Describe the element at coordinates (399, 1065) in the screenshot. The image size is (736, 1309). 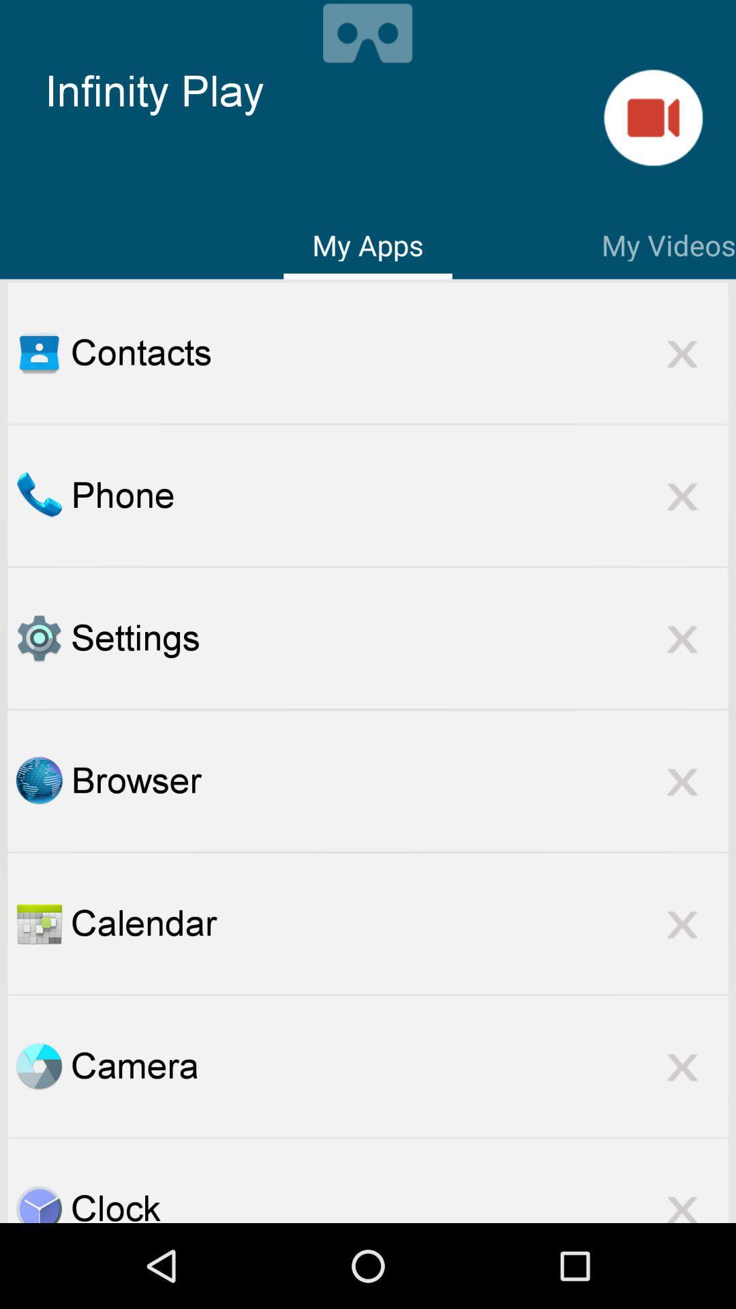
I see `the camera` at that location.